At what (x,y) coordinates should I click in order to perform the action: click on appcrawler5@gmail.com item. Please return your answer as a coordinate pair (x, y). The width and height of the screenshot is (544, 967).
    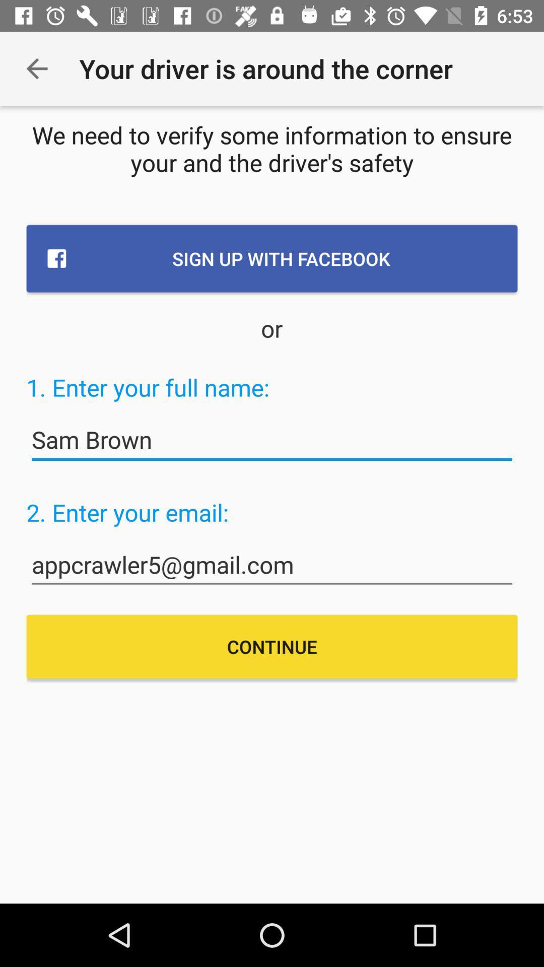
    Looking at the image, I should click on (272, 565).